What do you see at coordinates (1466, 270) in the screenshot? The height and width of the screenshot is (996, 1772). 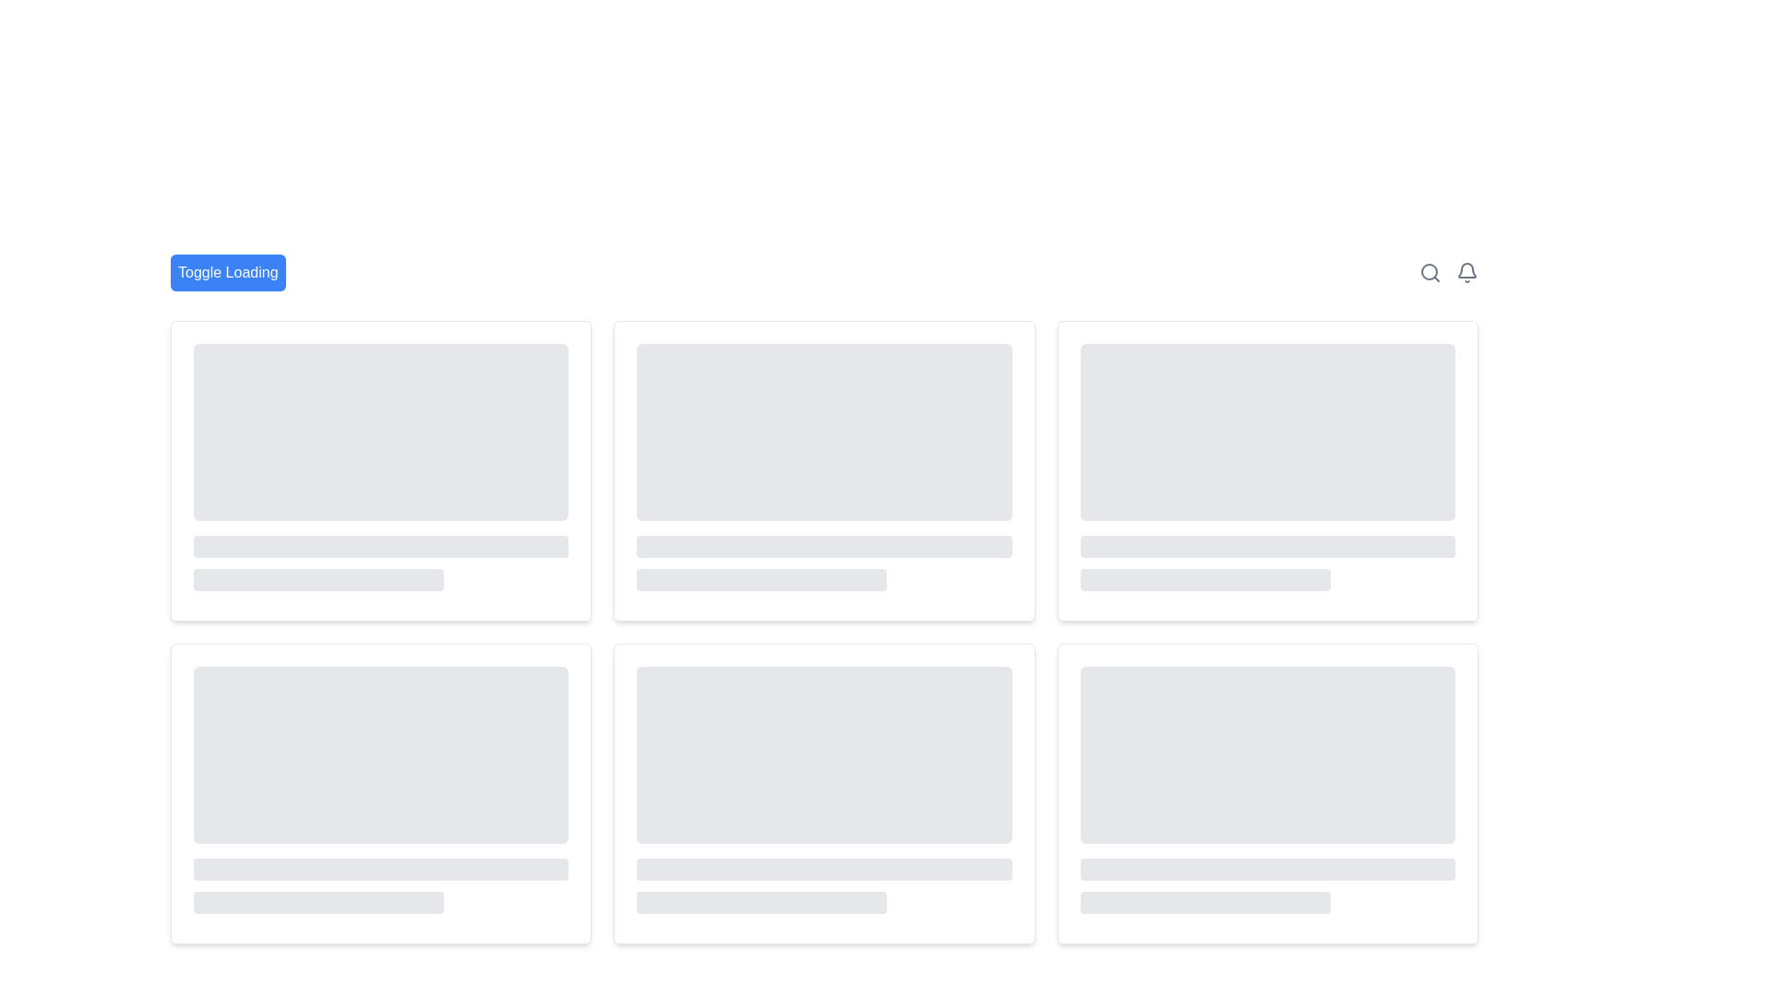 I see `the middle part of the bell icon, which is part of a notification alert graphic located near the top-right corner of the interface` at bounding box center [1466, 270].